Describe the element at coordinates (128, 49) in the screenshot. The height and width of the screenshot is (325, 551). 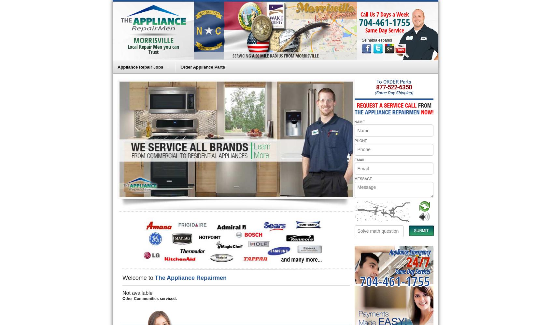
I see `'Local Repair Men you can Trust'` at that location.